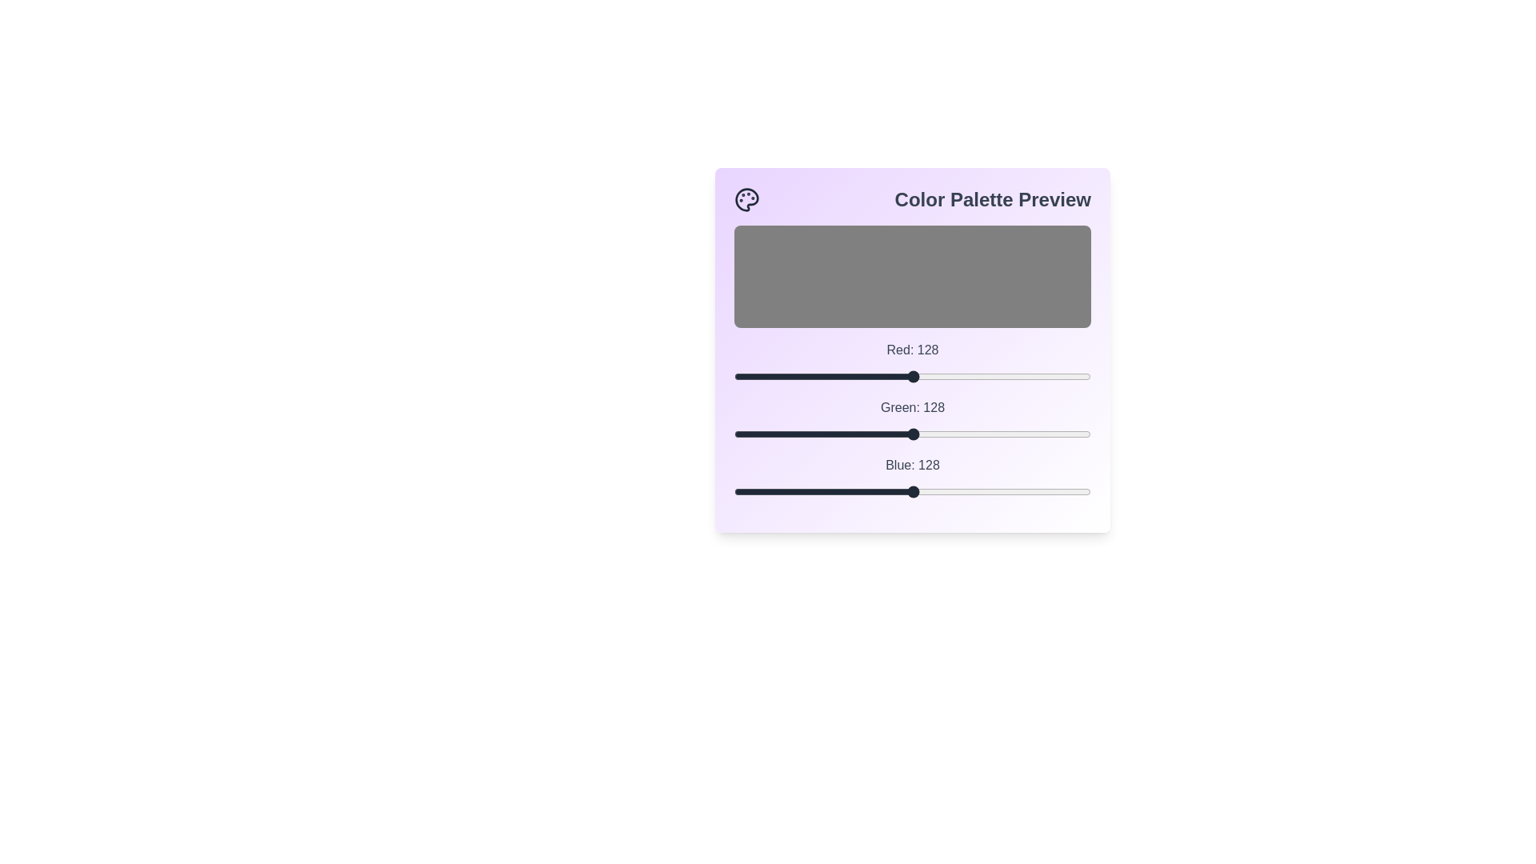 The width and height of the screenshot is (1536, 864). Describe the element at coordinates (1046, 490) in the screenshot. I see `the blue component` at that location.